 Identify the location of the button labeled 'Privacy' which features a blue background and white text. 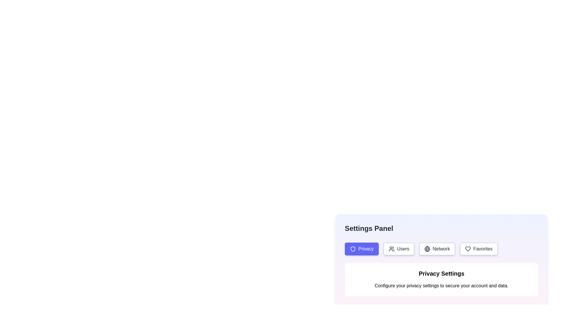
(365, 249).